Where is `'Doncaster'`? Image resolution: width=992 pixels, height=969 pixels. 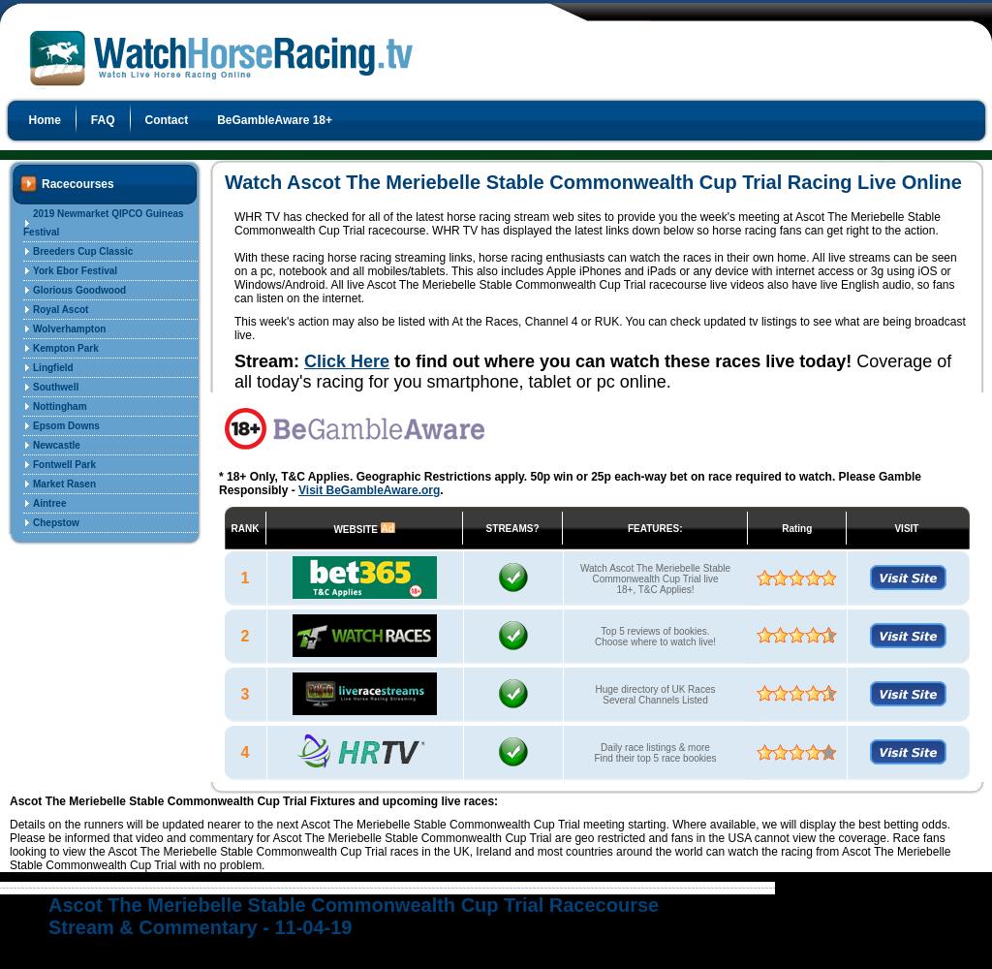 'Doncaster' is located at coordinates (54, 579).